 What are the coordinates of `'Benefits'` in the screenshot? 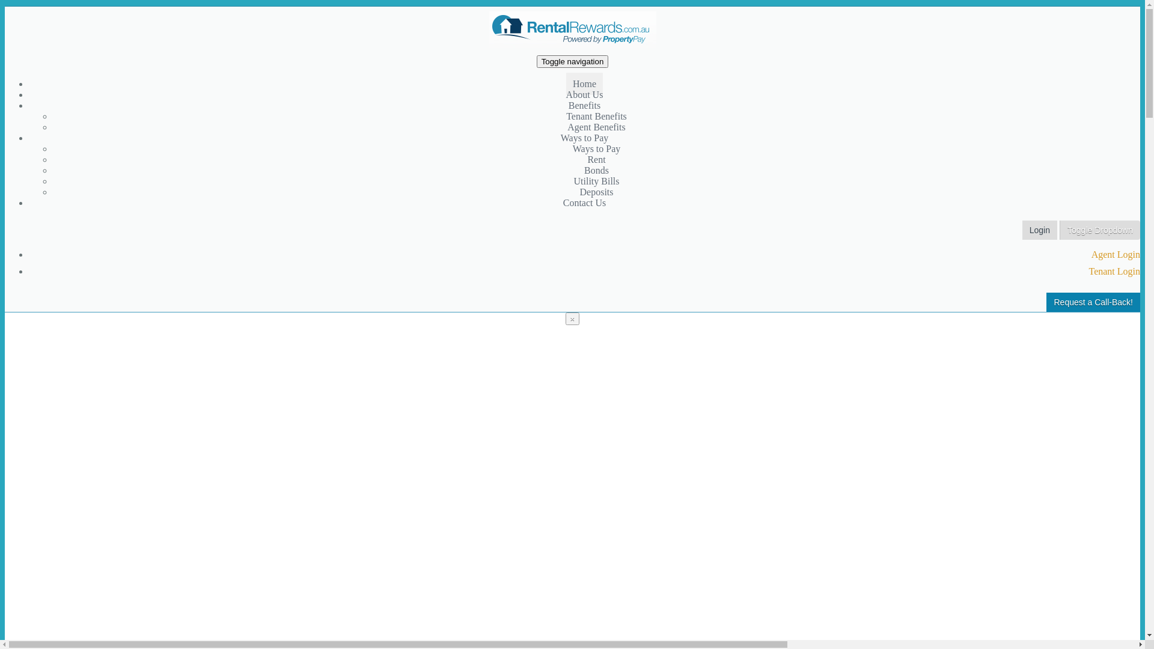 It's located at (584, 105).